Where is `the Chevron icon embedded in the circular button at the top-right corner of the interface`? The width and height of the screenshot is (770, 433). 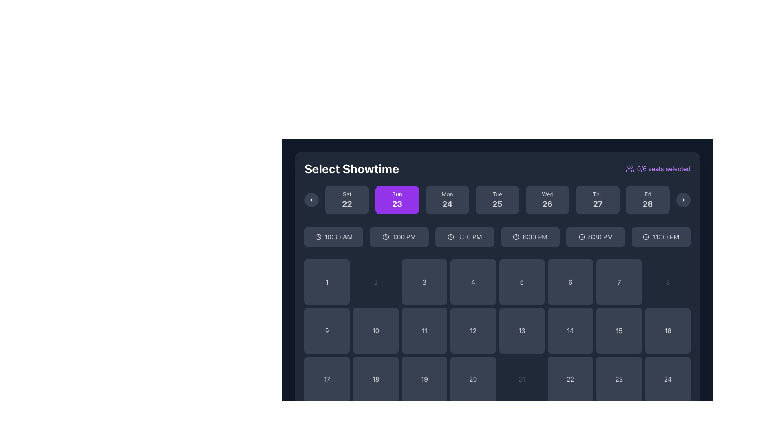
the Chevron icon embedded in the circular button at the top-right corner of the interface is located at coordinates (683, 199).